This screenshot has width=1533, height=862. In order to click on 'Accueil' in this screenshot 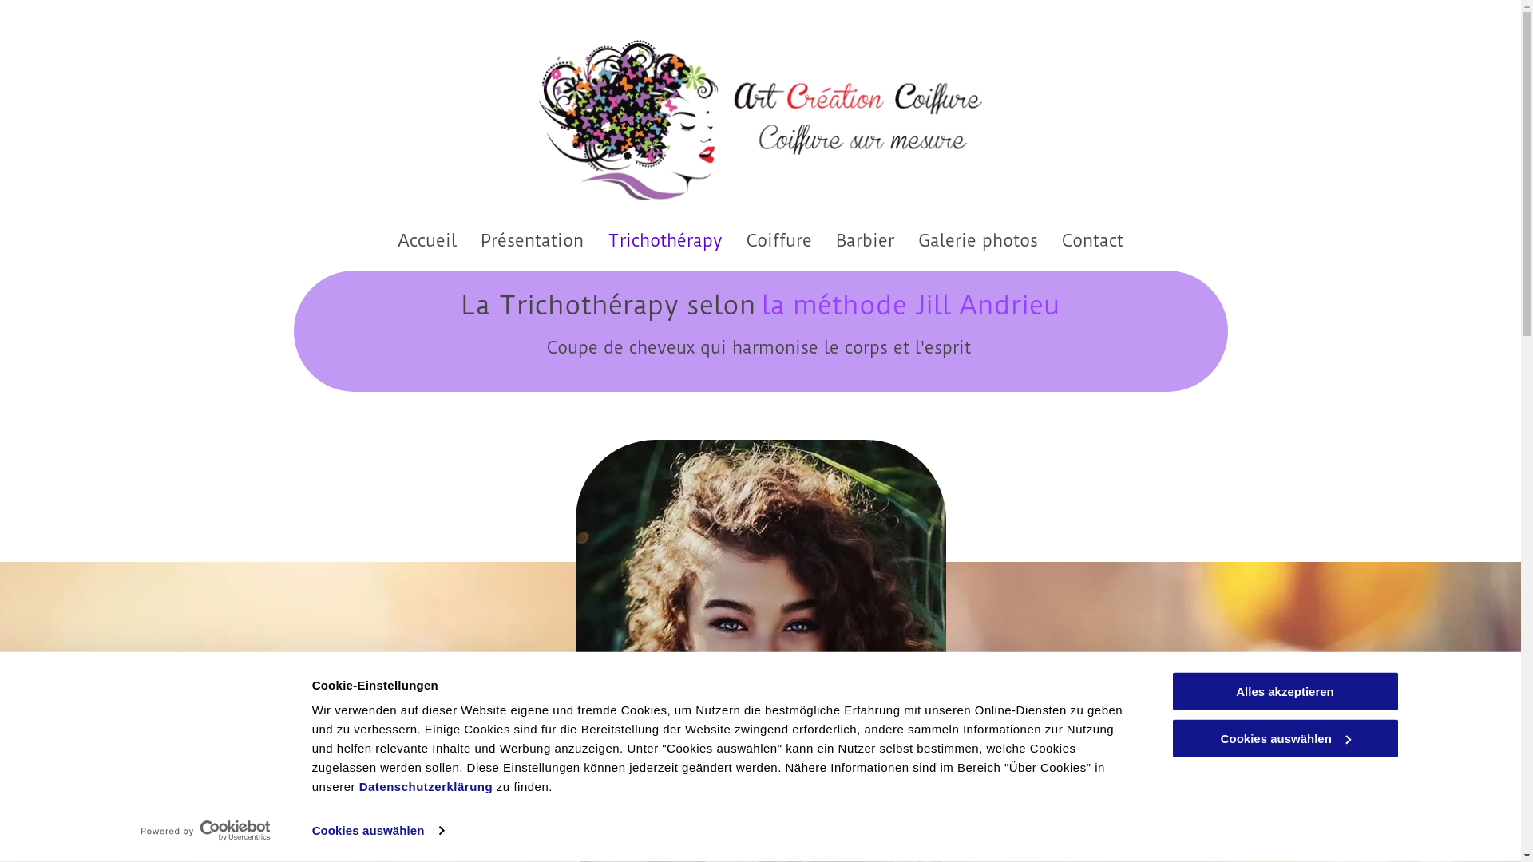, I will do `click(386, 240)`.